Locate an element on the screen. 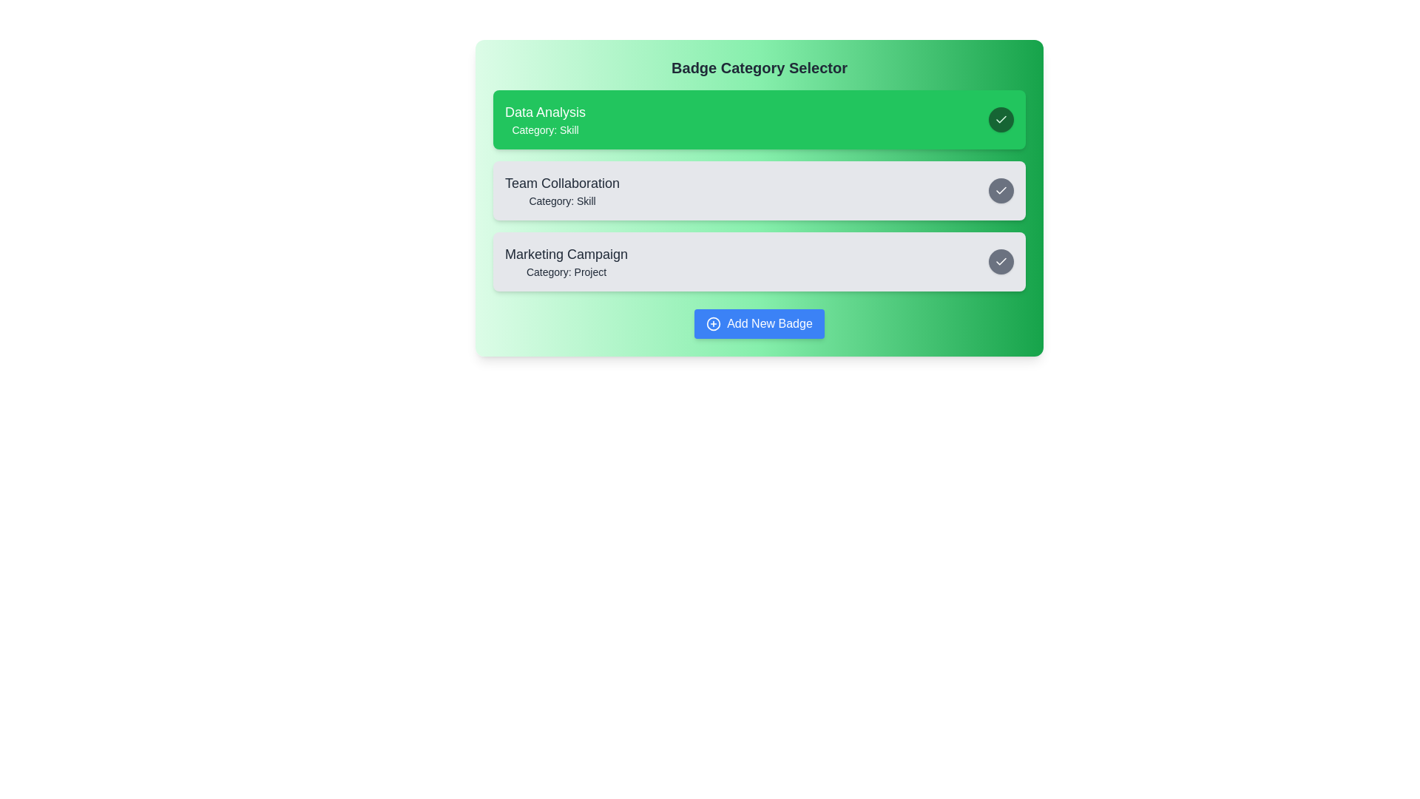 This screenshot has height=799, width=1420. the 'Add New Badge' button to add a new badge is located at coordinates (760, 323).